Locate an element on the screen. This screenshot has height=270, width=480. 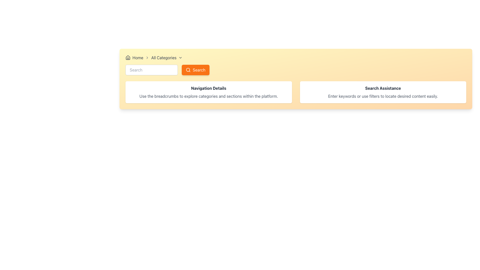
the informational text block that reads 'Use the breadcrumbs is located at coordinates (208, 96).